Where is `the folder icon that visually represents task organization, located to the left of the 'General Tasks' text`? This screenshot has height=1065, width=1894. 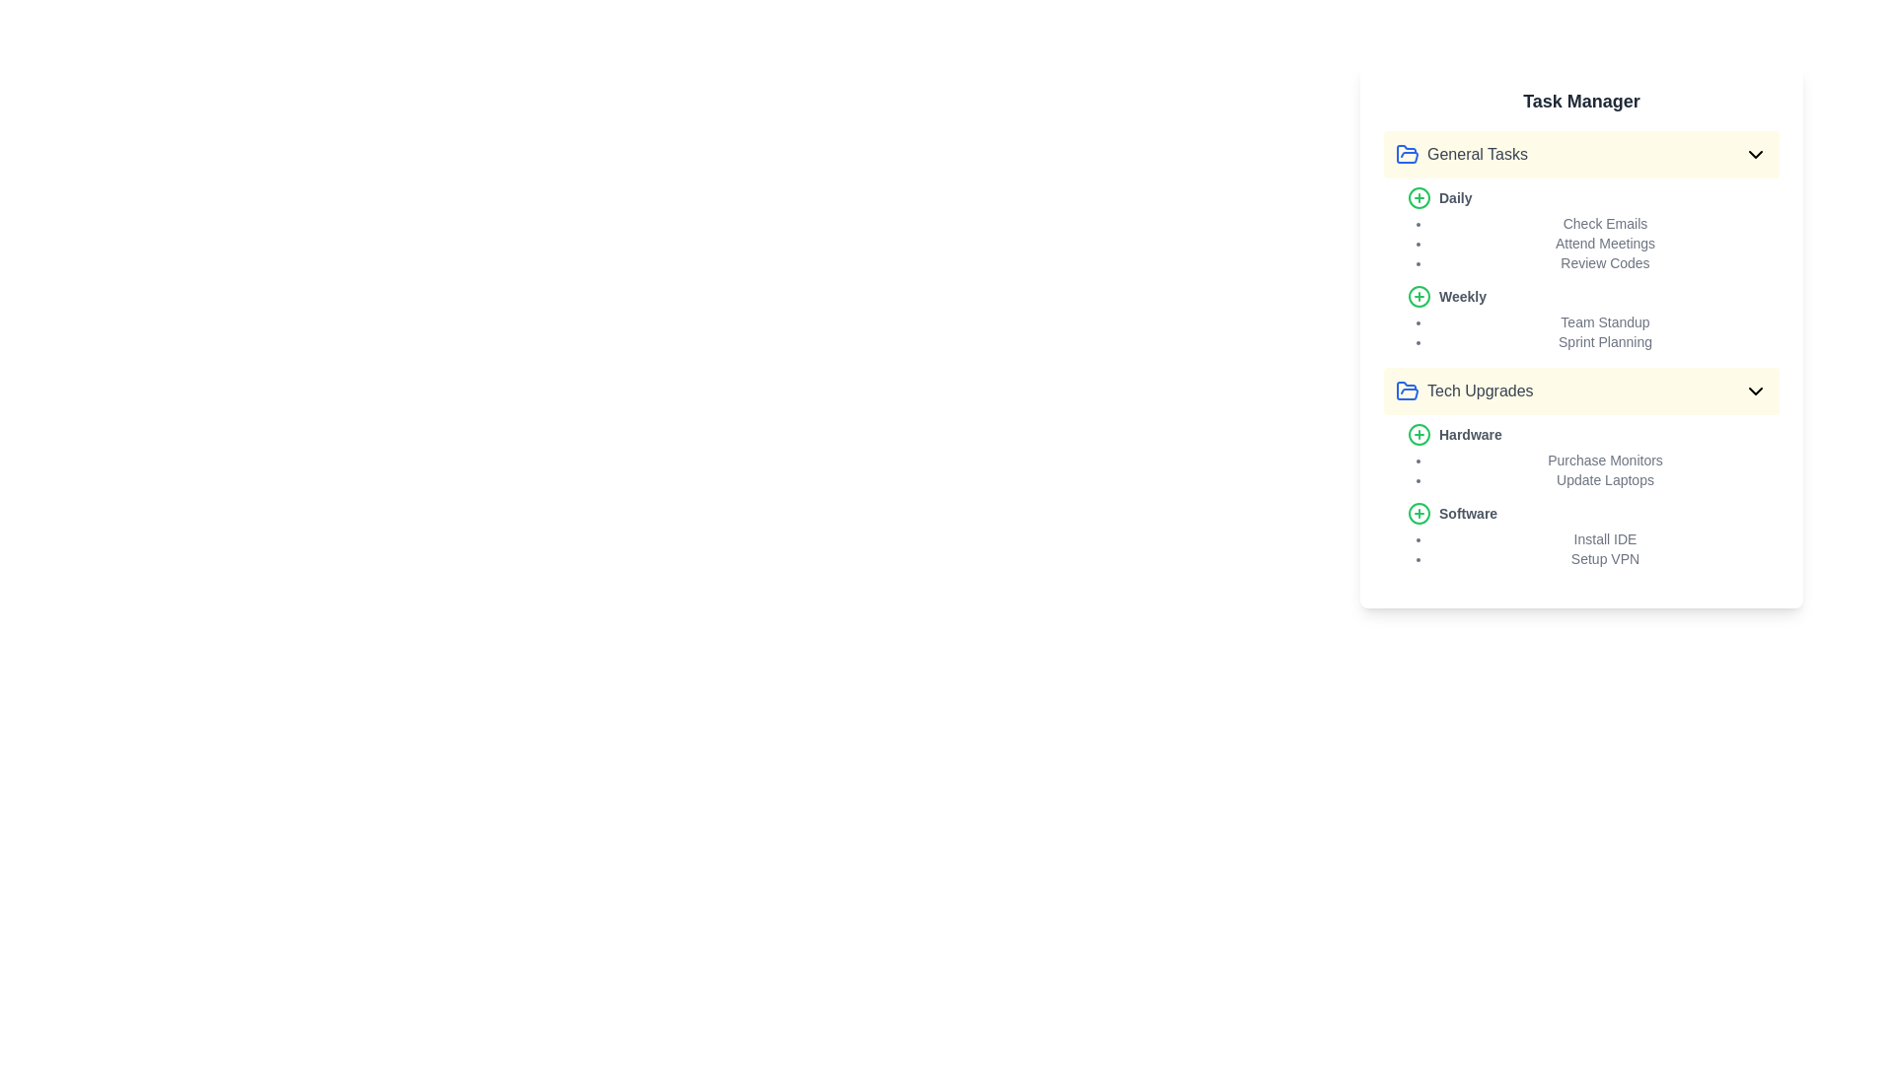
the folder icon that visually represents task organization, located to the left of the 'General Tasks' text is located at coordinates (1406, 154).